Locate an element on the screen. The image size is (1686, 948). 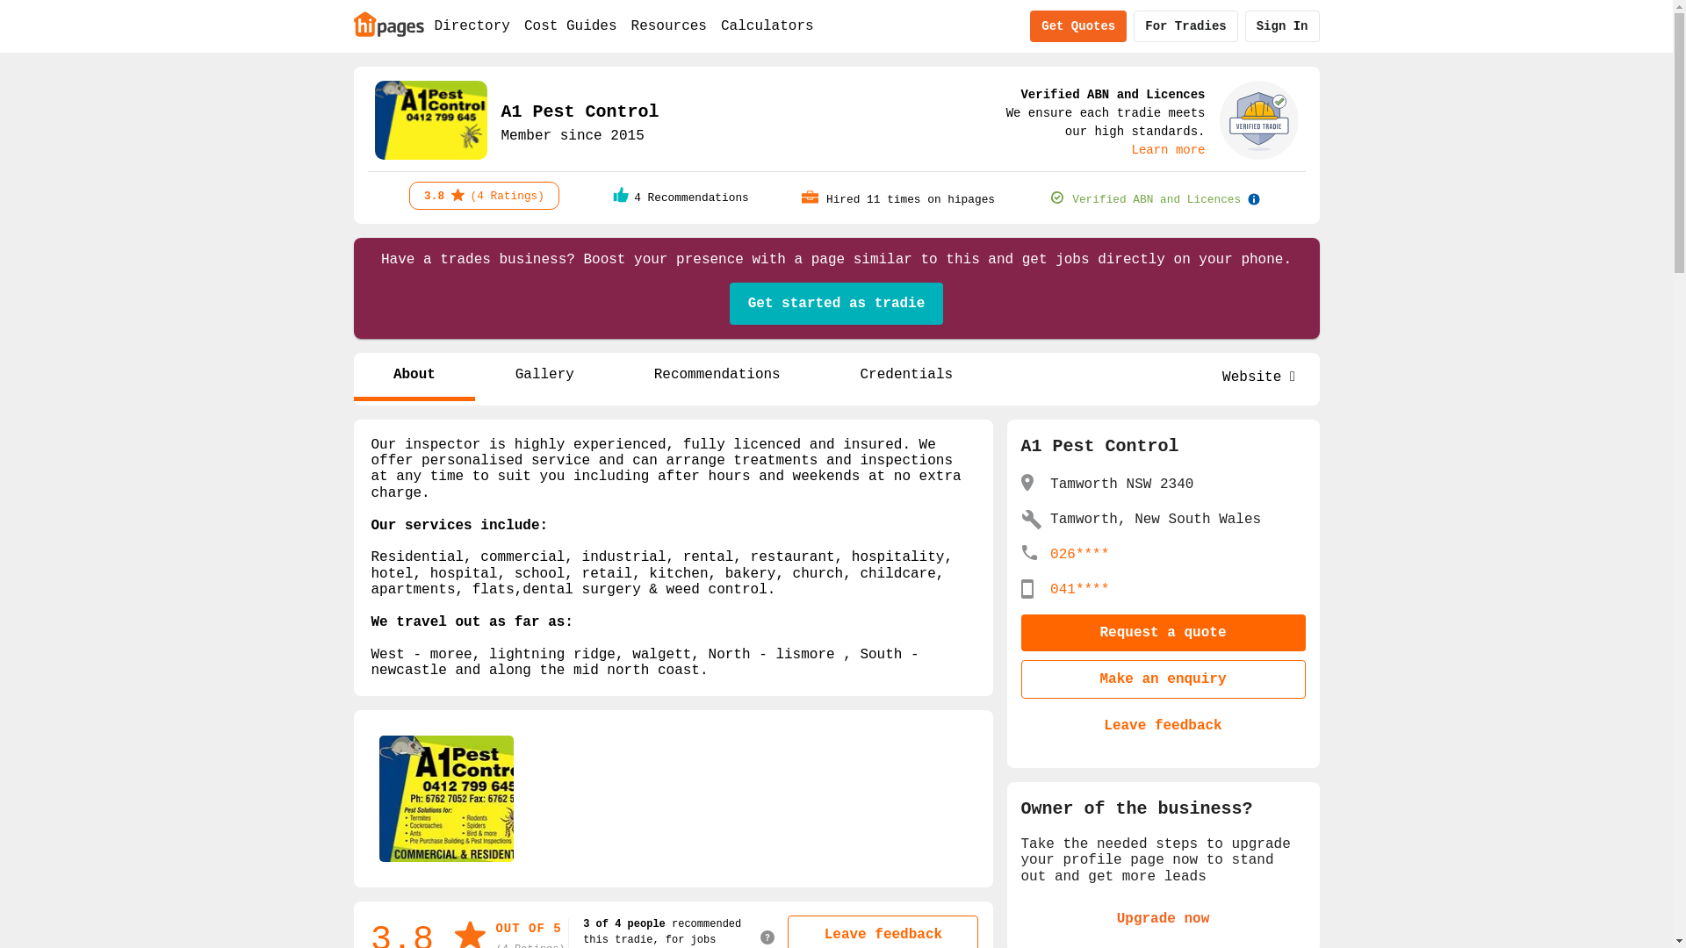
'Directory' is located at coordinates (472, 26).